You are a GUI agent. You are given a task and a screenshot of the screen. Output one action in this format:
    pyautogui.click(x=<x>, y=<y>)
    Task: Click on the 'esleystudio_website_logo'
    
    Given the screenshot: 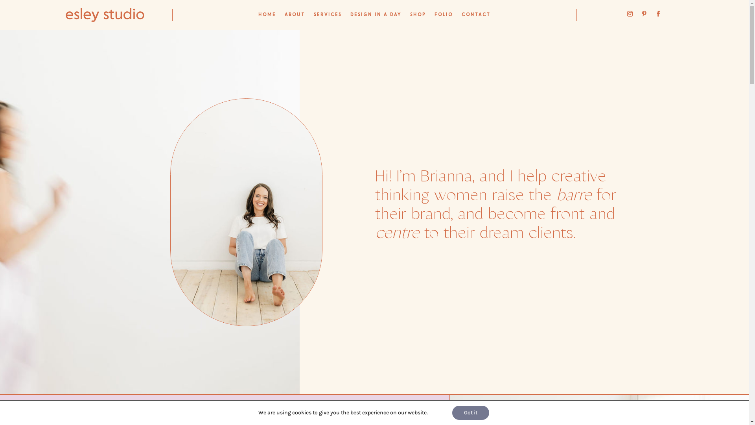 What is the action you would take?
    pyautogui.click(x=105, y=15)
    